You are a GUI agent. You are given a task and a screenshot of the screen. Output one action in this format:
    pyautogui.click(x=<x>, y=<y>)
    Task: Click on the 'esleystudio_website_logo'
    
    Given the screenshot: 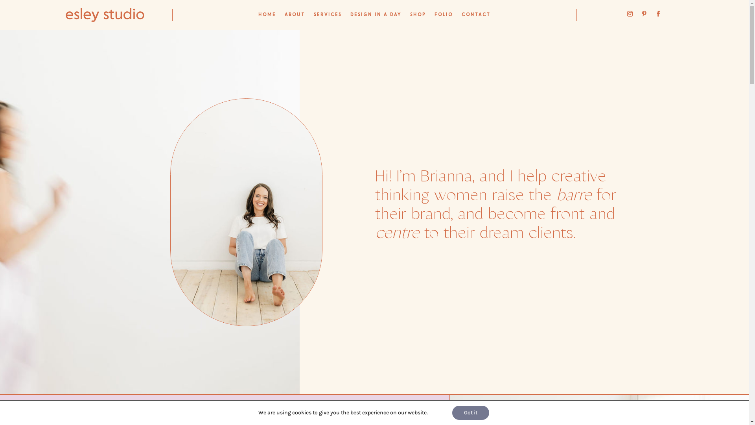 What is the action you would take?
    pyautogui.click(x=105, y=15)
    